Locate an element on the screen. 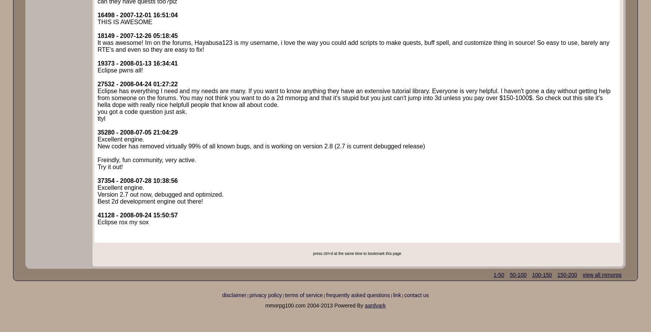  'ttyl' is located at coordinates (97, 118).